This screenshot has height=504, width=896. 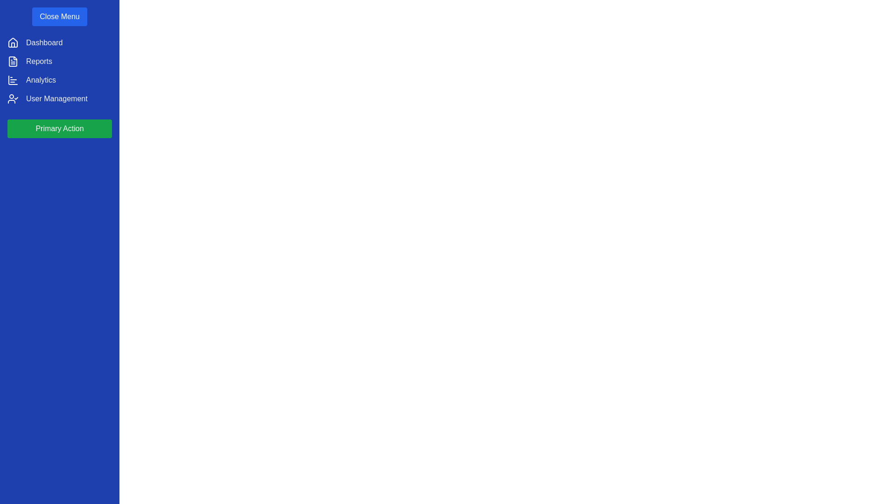 I want to click on the navigation item Dashboard from the list, so click(x=44, y=43).